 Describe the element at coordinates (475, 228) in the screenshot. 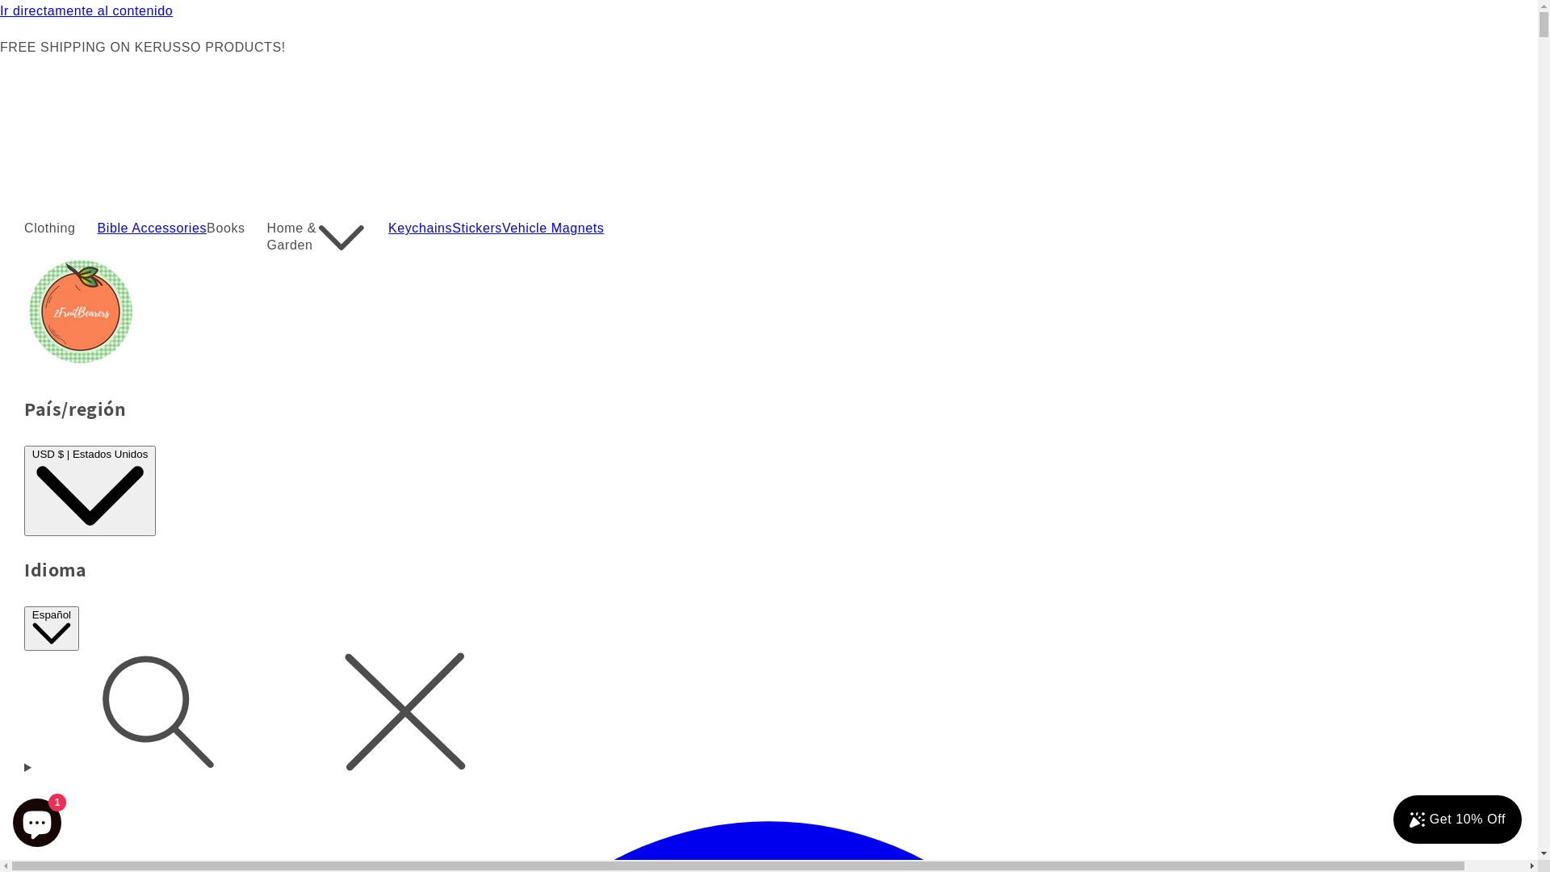

I see `'Stickers'` at that location.